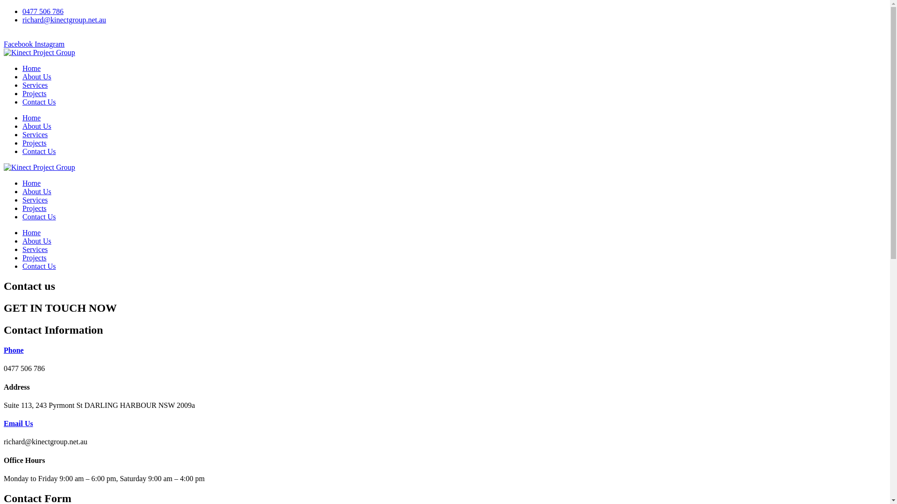 The image size is (897, 504). What do you see at coordinates (22, 134) in the screenshot?
I see `'Services'` at bounding box center [22, 134].